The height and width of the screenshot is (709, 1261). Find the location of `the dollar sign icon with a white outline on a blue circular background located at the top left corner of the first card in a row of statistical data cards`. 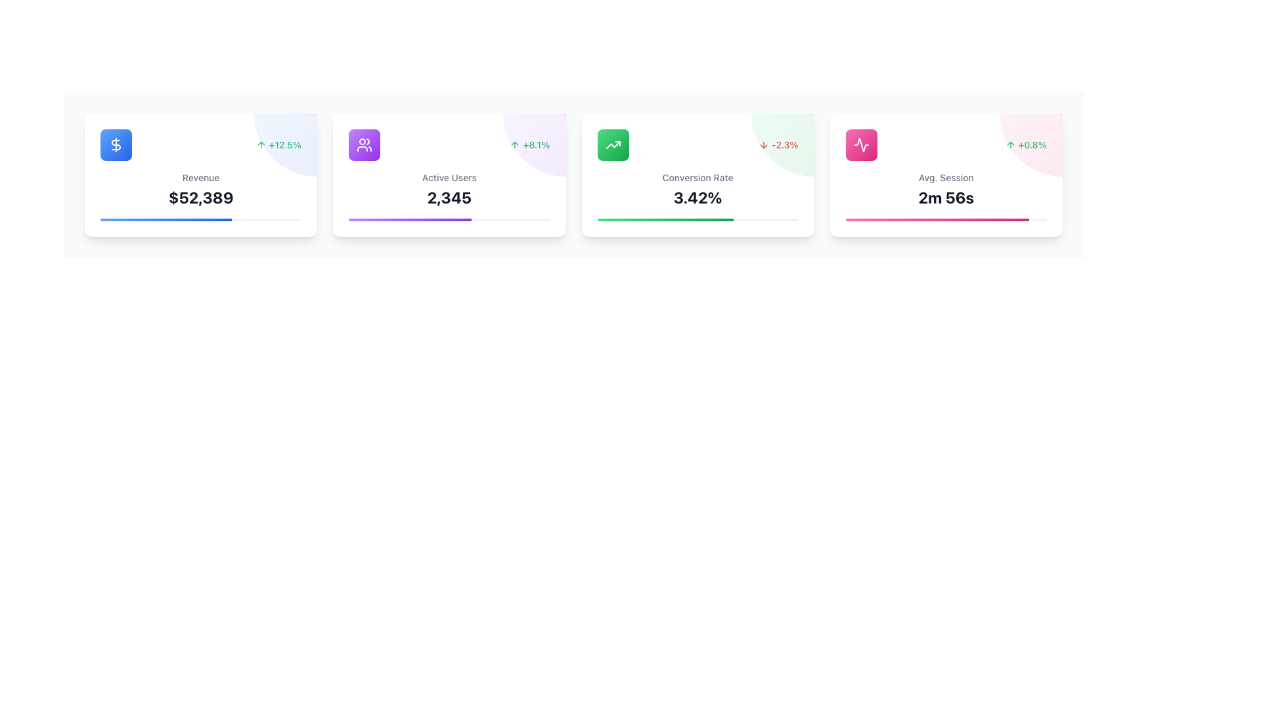

the dollar sign icon with a white outline on a blue circular background located at the top left corner of the first card in a row of statistical data cards is located at coordinates (116, 144).